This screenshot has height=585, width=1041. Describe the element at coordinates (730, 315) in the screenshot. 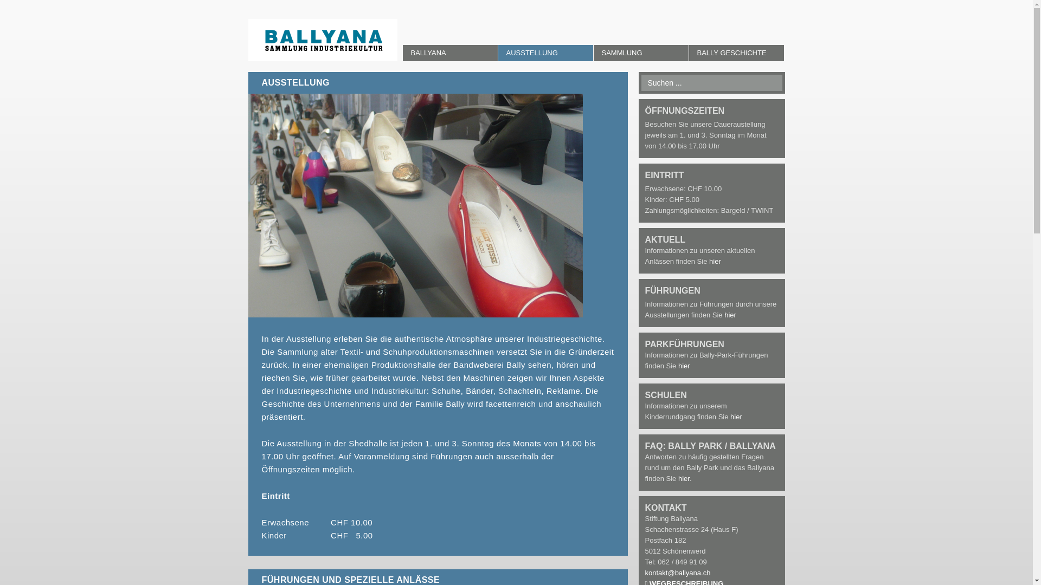

I see `'hier'` at that location.